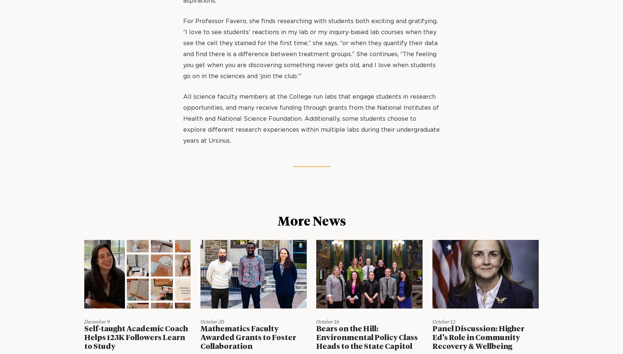 The width and height of the screenshot is (623, 354). I want to click on 'October 20', so click(211, 321).